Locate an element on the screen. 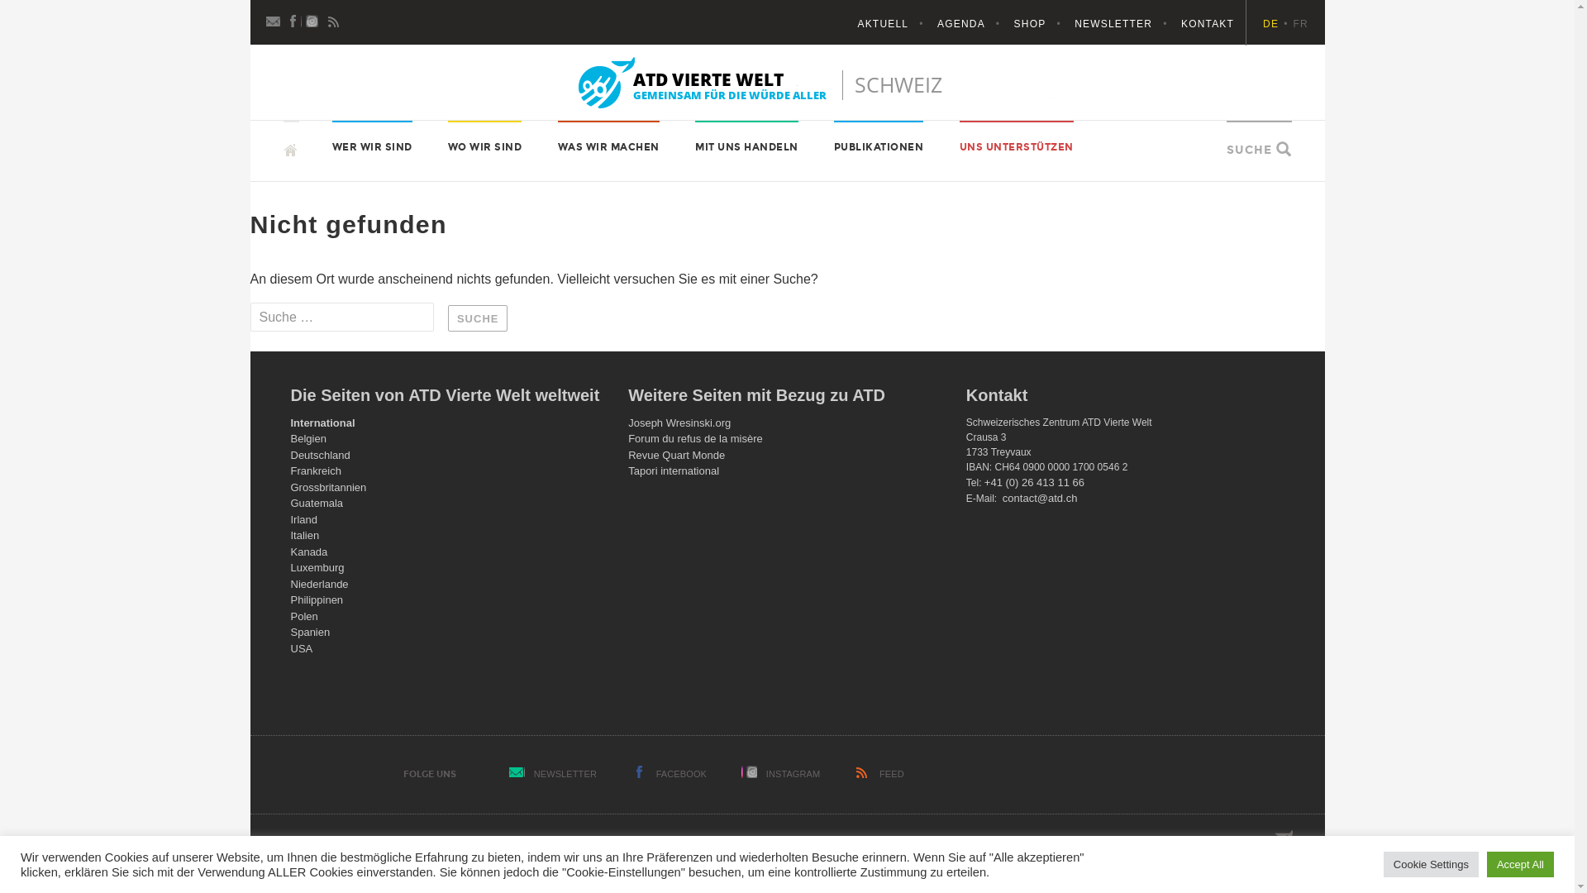 The height and width of the screenshot is (893, 1587). 'contact@atd.ch' is located at coordinates (1039, 497).